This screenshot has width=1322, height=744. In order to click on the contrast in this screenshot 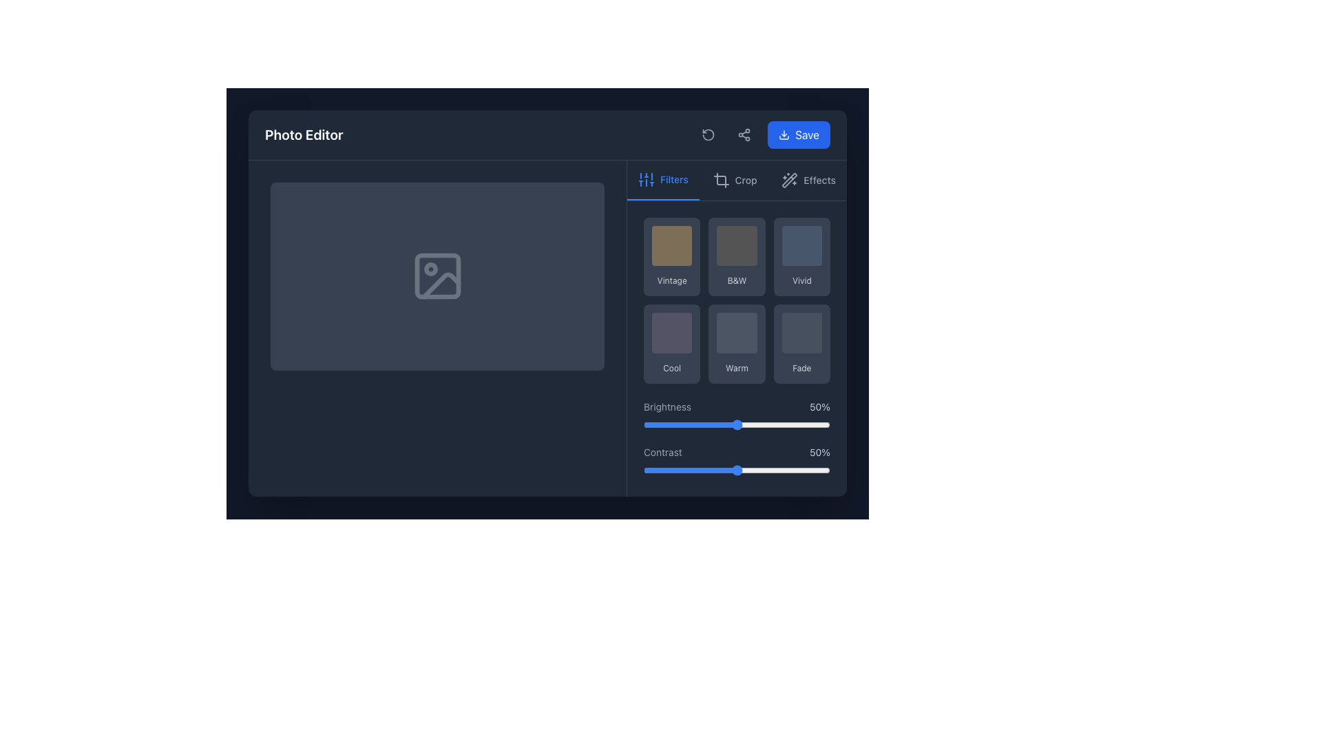, I will do `click(717, 469)`.